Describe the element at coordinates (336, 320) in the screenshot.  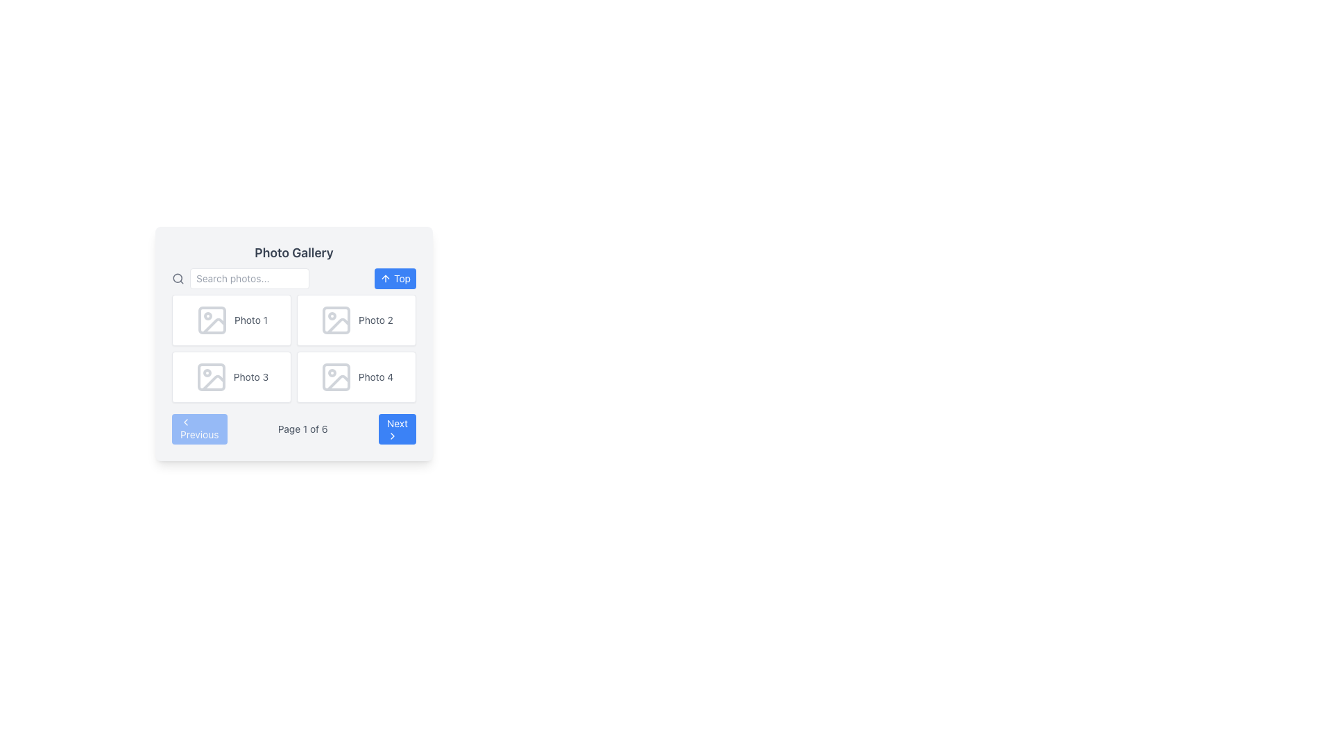
I see `the decorative graphical element in the second image slot of the Photo Gallery interface, associated with 'Photo 2'` at that location.